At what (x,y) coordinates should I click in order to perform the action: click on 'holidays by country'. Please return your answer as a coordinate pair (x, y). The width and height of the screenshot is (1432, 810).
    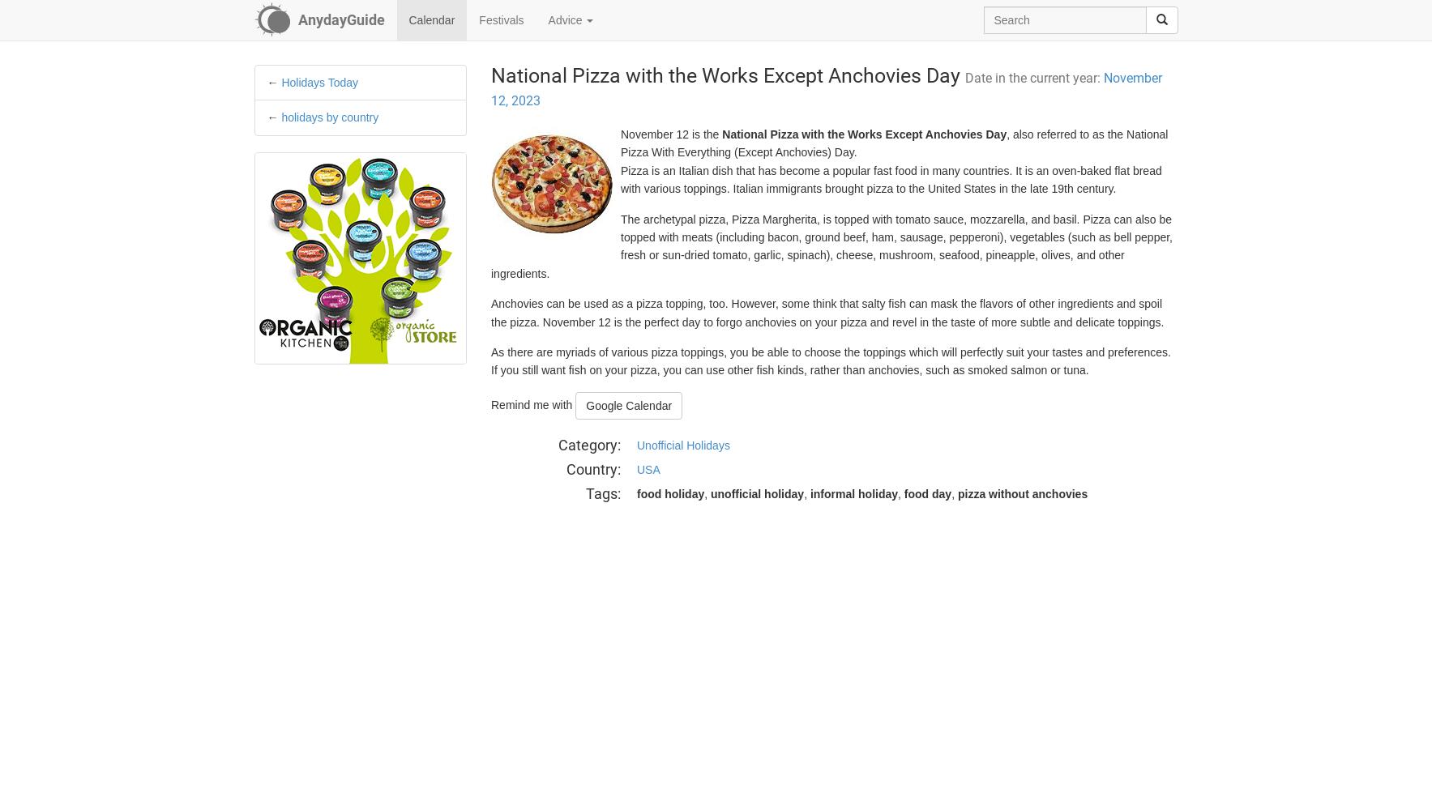
    Looking at the image, I should click on (281, 117).